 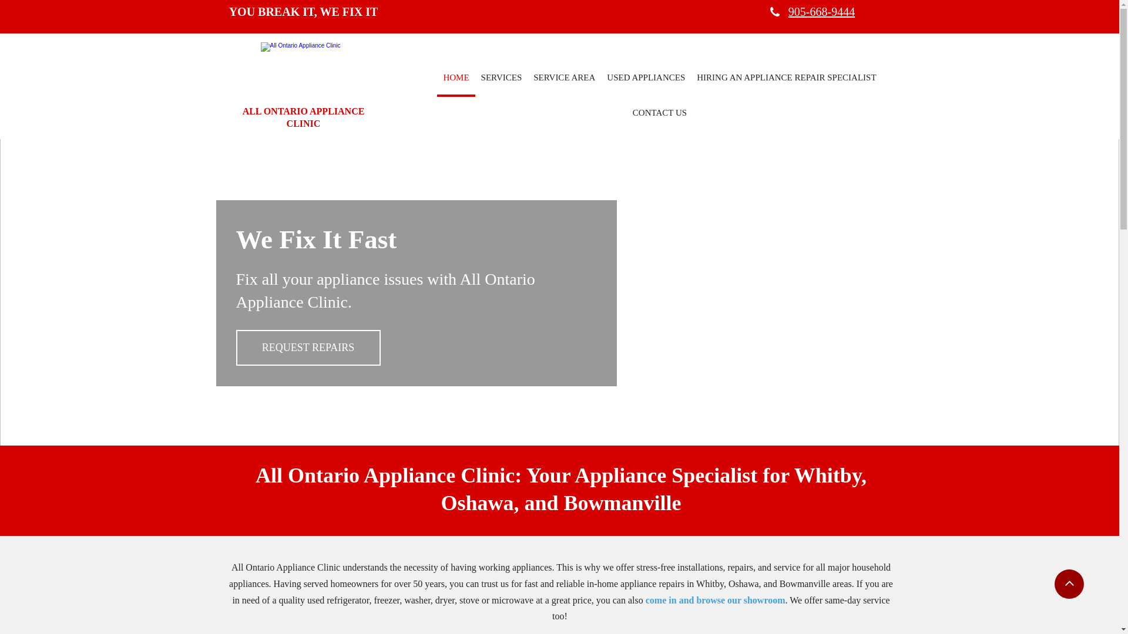 I want to click on 'CONTACT US', so click(x=626, y=114).